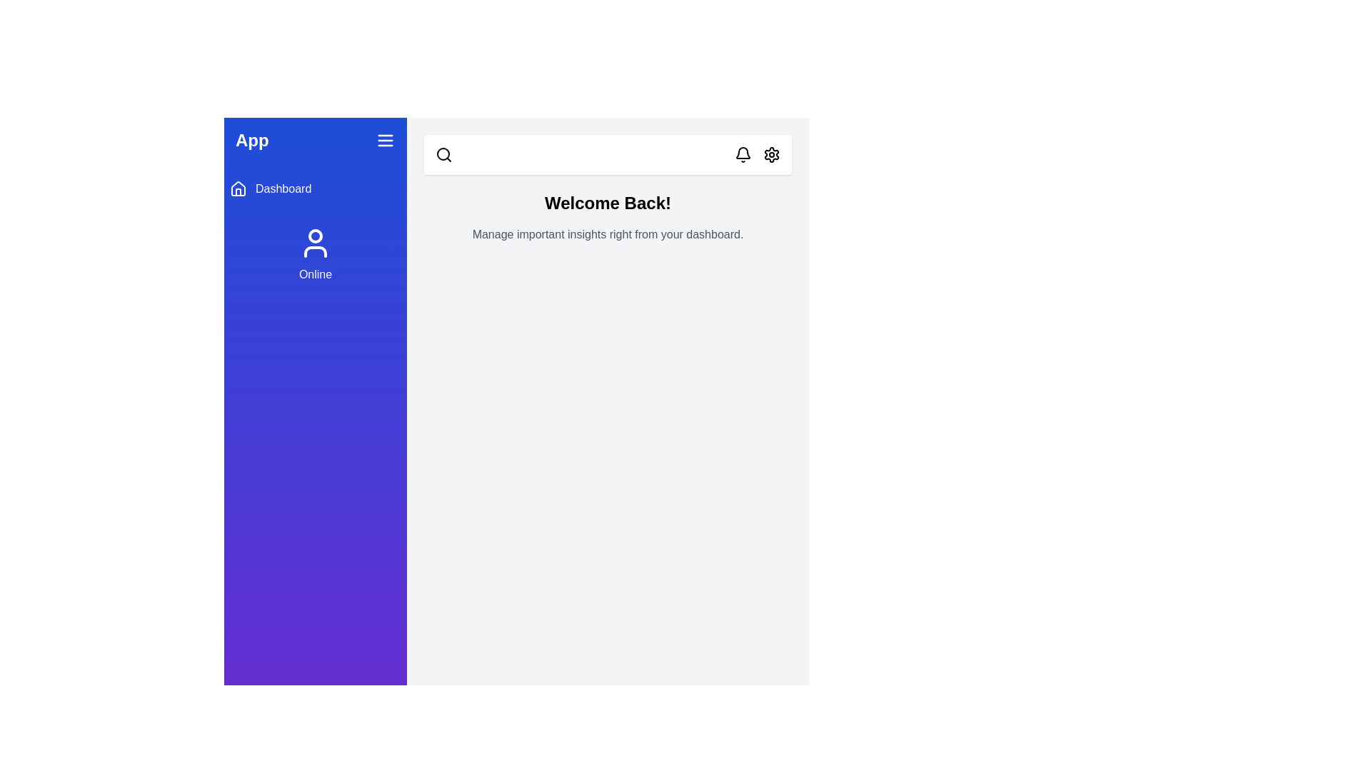 This screenshot has width=1371, height=771. Describe the element at coordinates (314, 188) in the screenshot. I see `the 'Dashboard' menu item in the sidebar` at that location.